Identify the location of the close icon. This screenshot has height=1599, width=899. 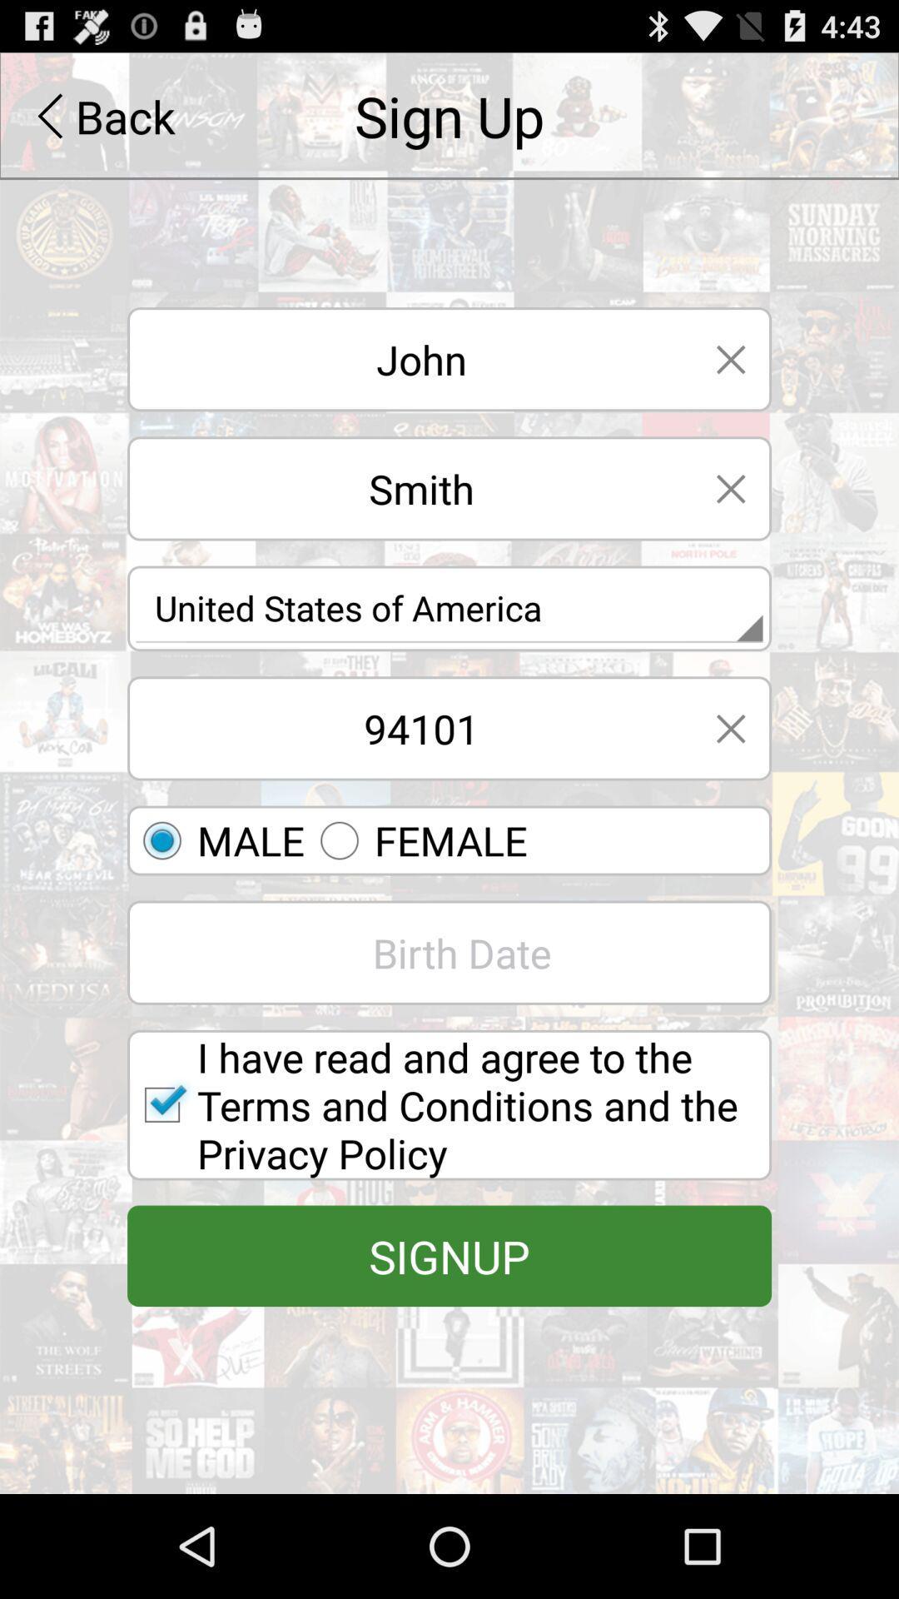
(730, 779).